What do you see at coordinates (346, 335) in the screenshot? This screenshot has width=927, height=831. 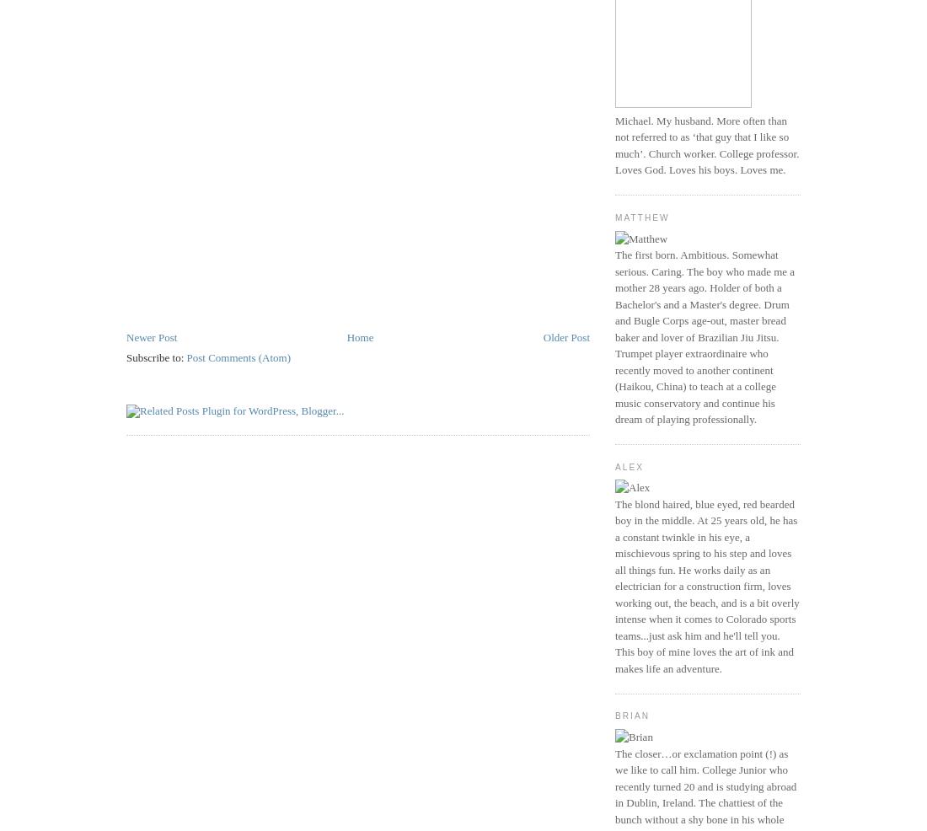 I see `'Home'` at bounding box center [346, 335].